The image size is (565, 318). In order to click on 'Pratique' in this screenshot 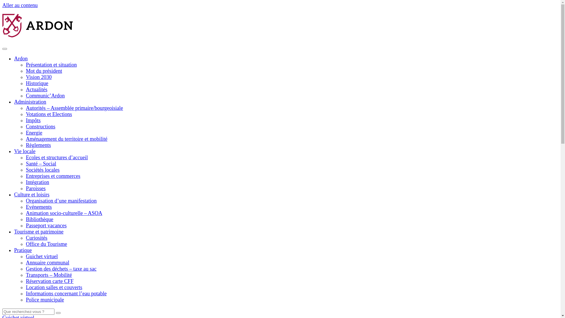, I will do `click(23, 250)`.